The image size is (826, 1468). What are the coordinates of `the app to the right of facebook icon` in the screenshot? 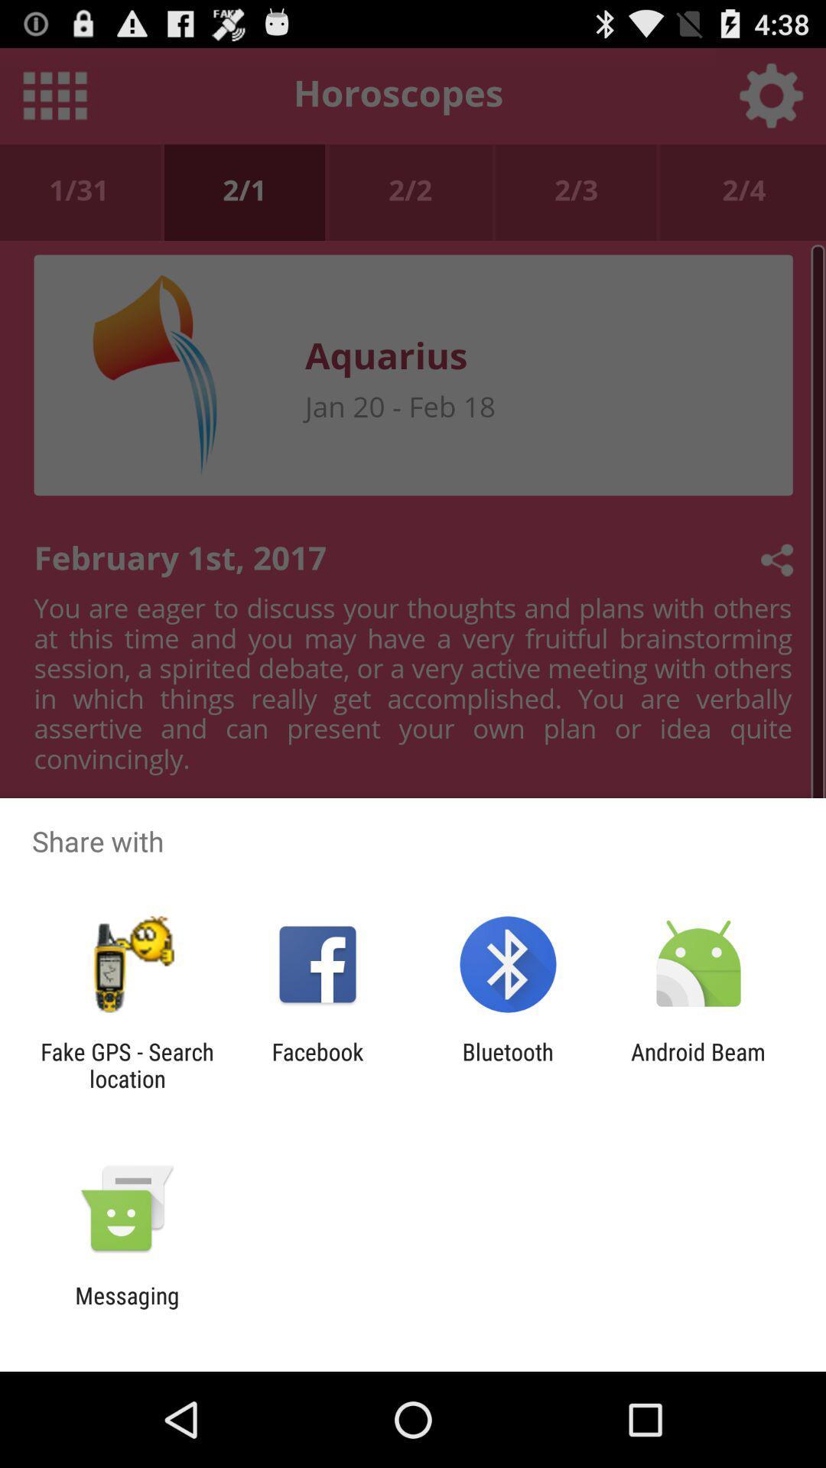 It's located at (508, 1064).